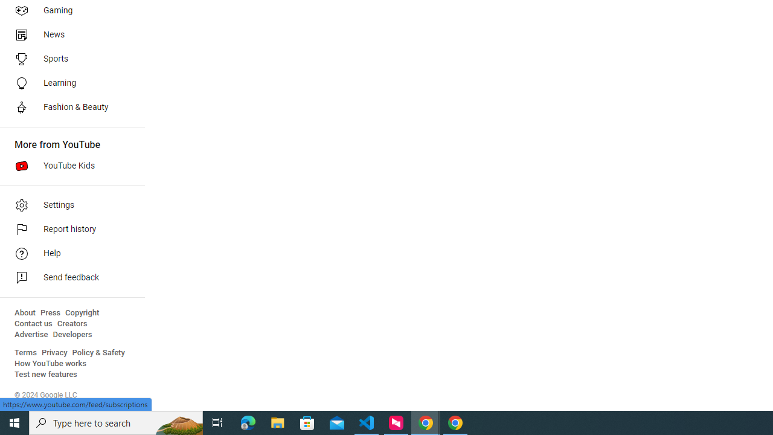 The width and height of the screenshot is (773, 435). I want to click on 'News', so click(68, 34).